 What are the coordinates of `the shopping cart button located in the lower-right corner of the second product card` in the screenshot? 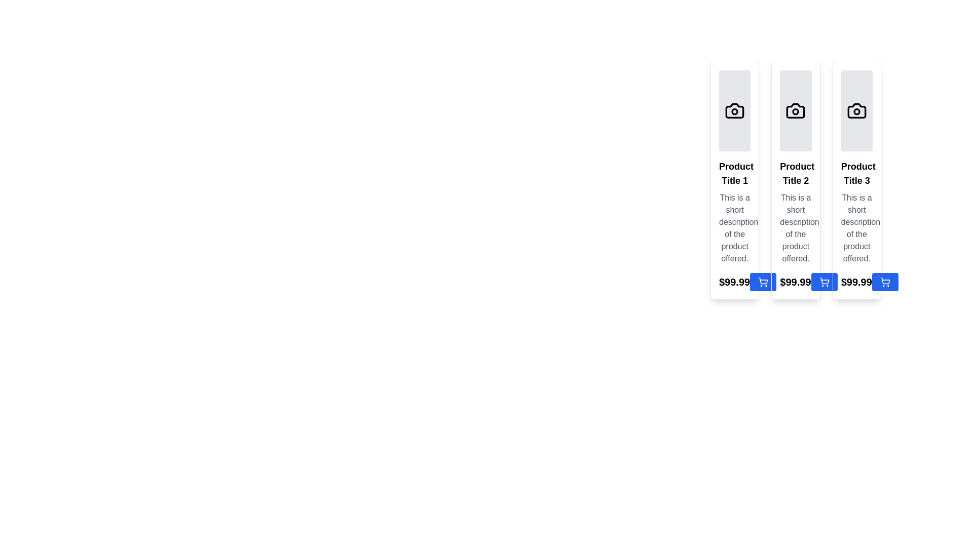 It's located at (763, 282).